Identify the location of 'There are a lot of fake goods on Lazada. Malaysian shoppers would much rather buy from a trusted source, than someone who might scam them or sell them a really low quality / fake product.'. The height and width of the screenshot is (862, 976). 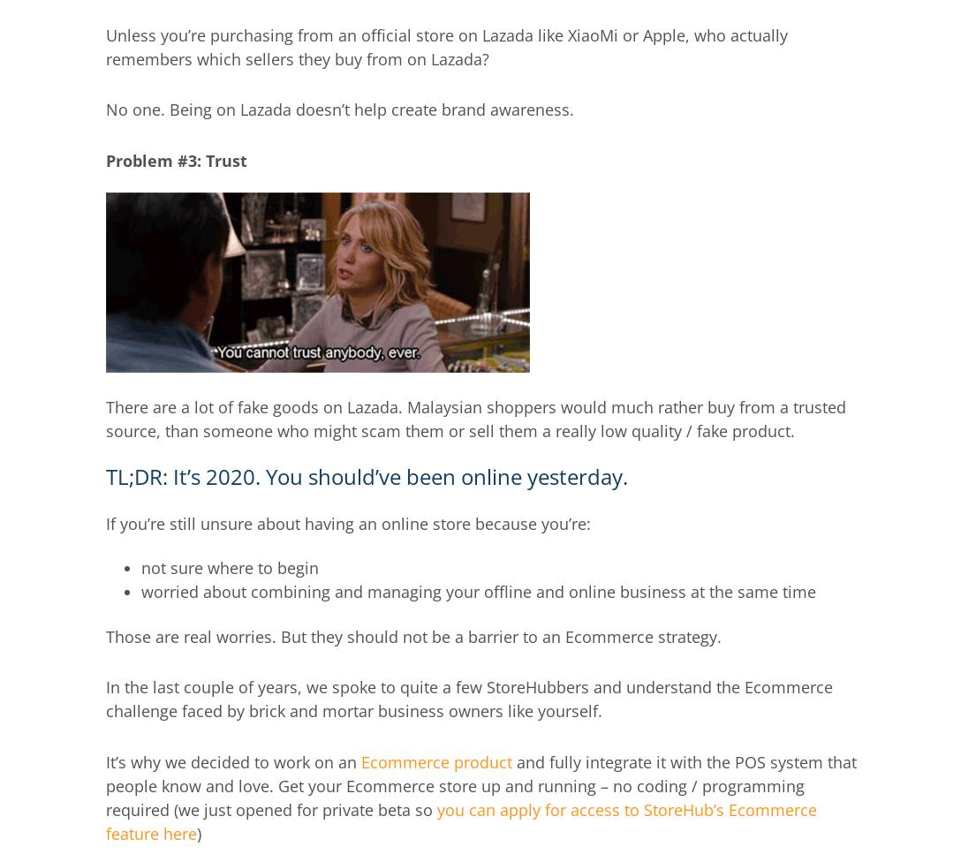
(475, 418).